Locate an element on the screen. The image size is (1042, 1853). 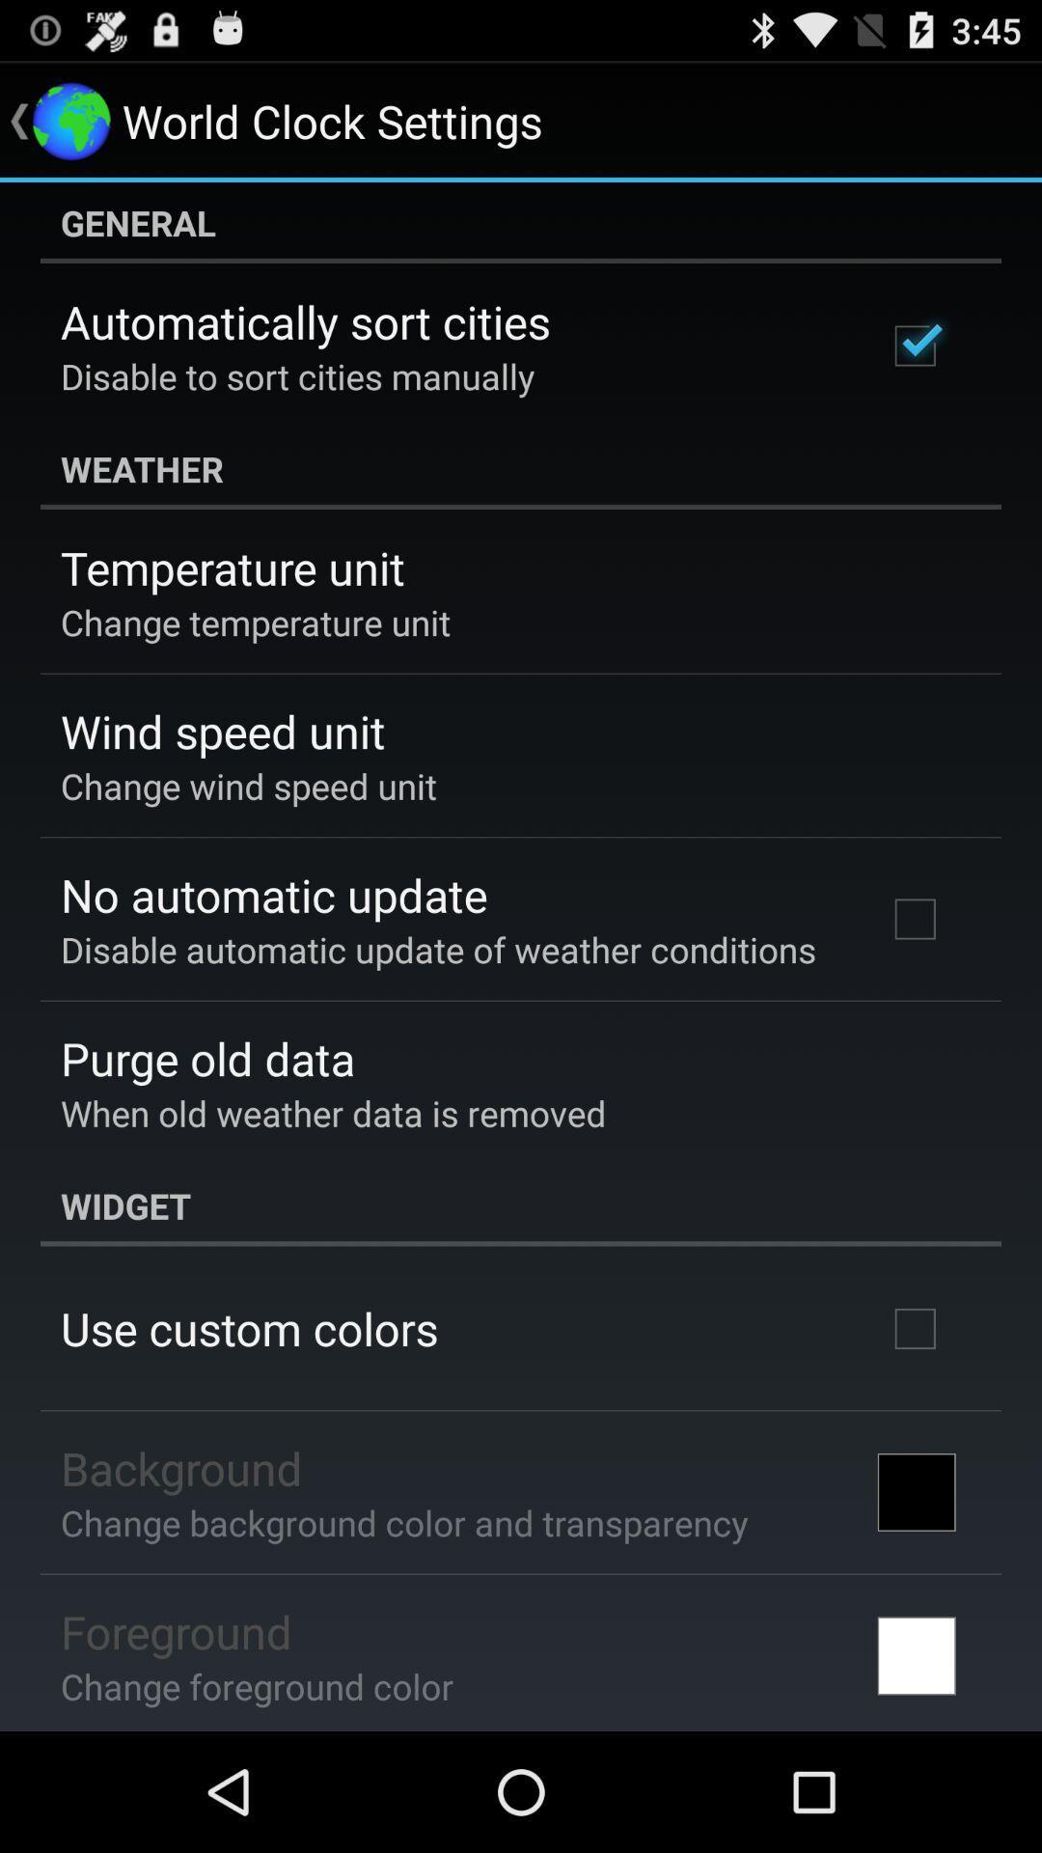
item below the widget app is located at coordinates (248, 1327).